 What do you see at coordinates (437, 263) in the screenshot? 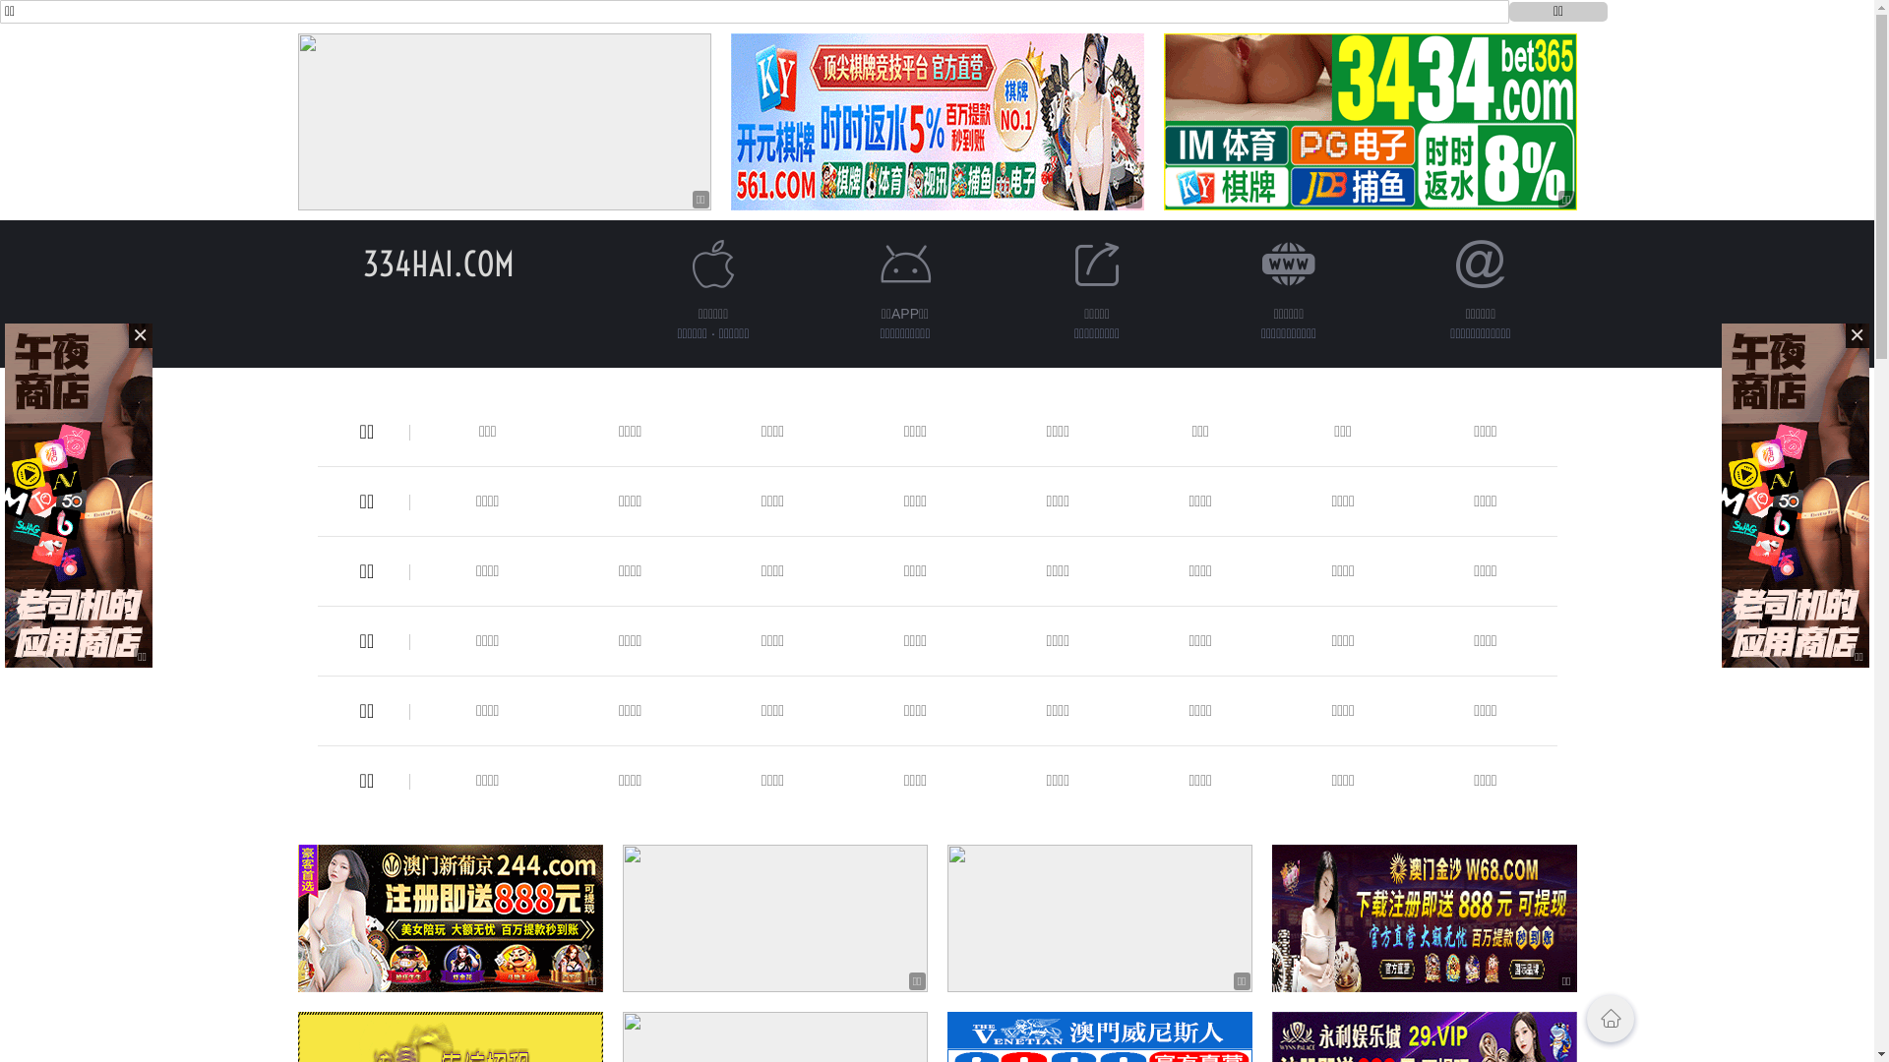
I see `'334HAI.COM'` at bounding box center [437, 263].